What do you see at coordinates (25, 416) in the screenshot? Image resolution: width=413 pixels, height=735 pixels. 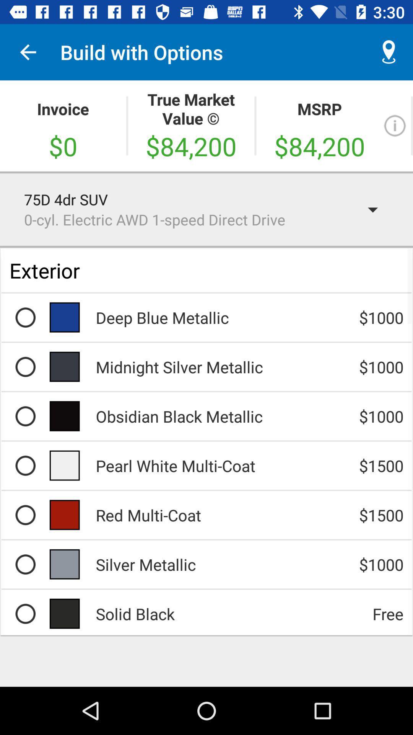 I see `choose obsidian black mettalic` at bounding box center [25, 416].